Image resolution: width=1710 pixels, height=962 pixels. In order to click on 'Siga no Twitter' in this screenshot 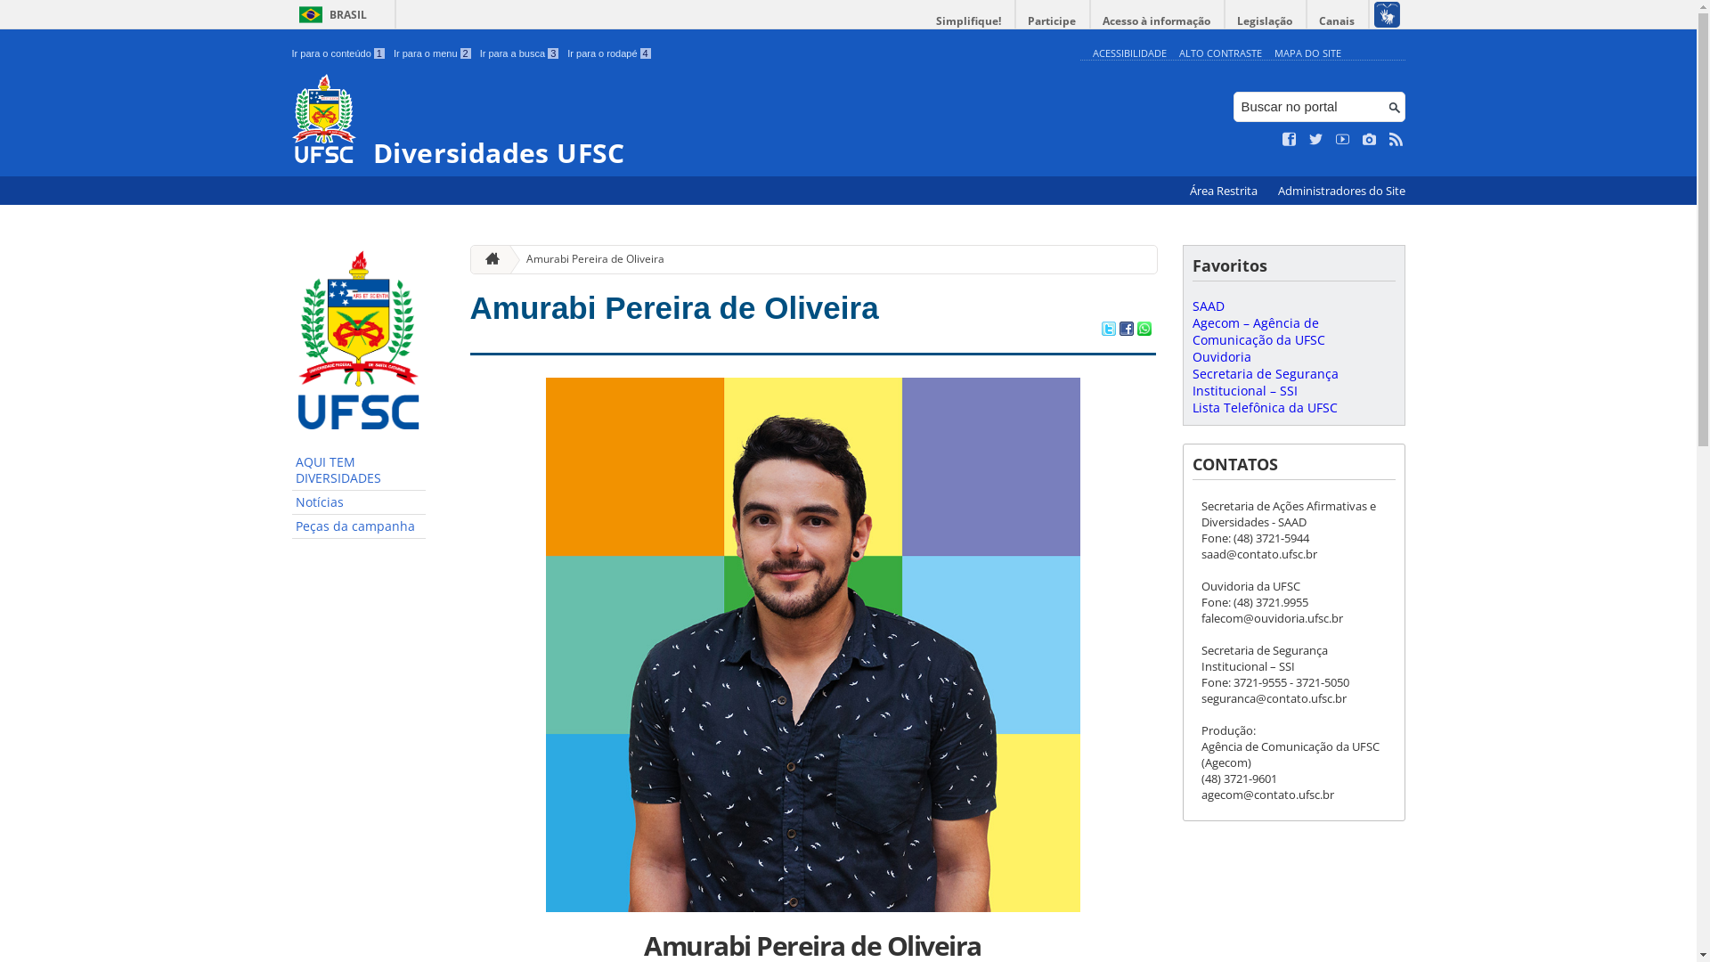, I will do `click(1316, 139)`.